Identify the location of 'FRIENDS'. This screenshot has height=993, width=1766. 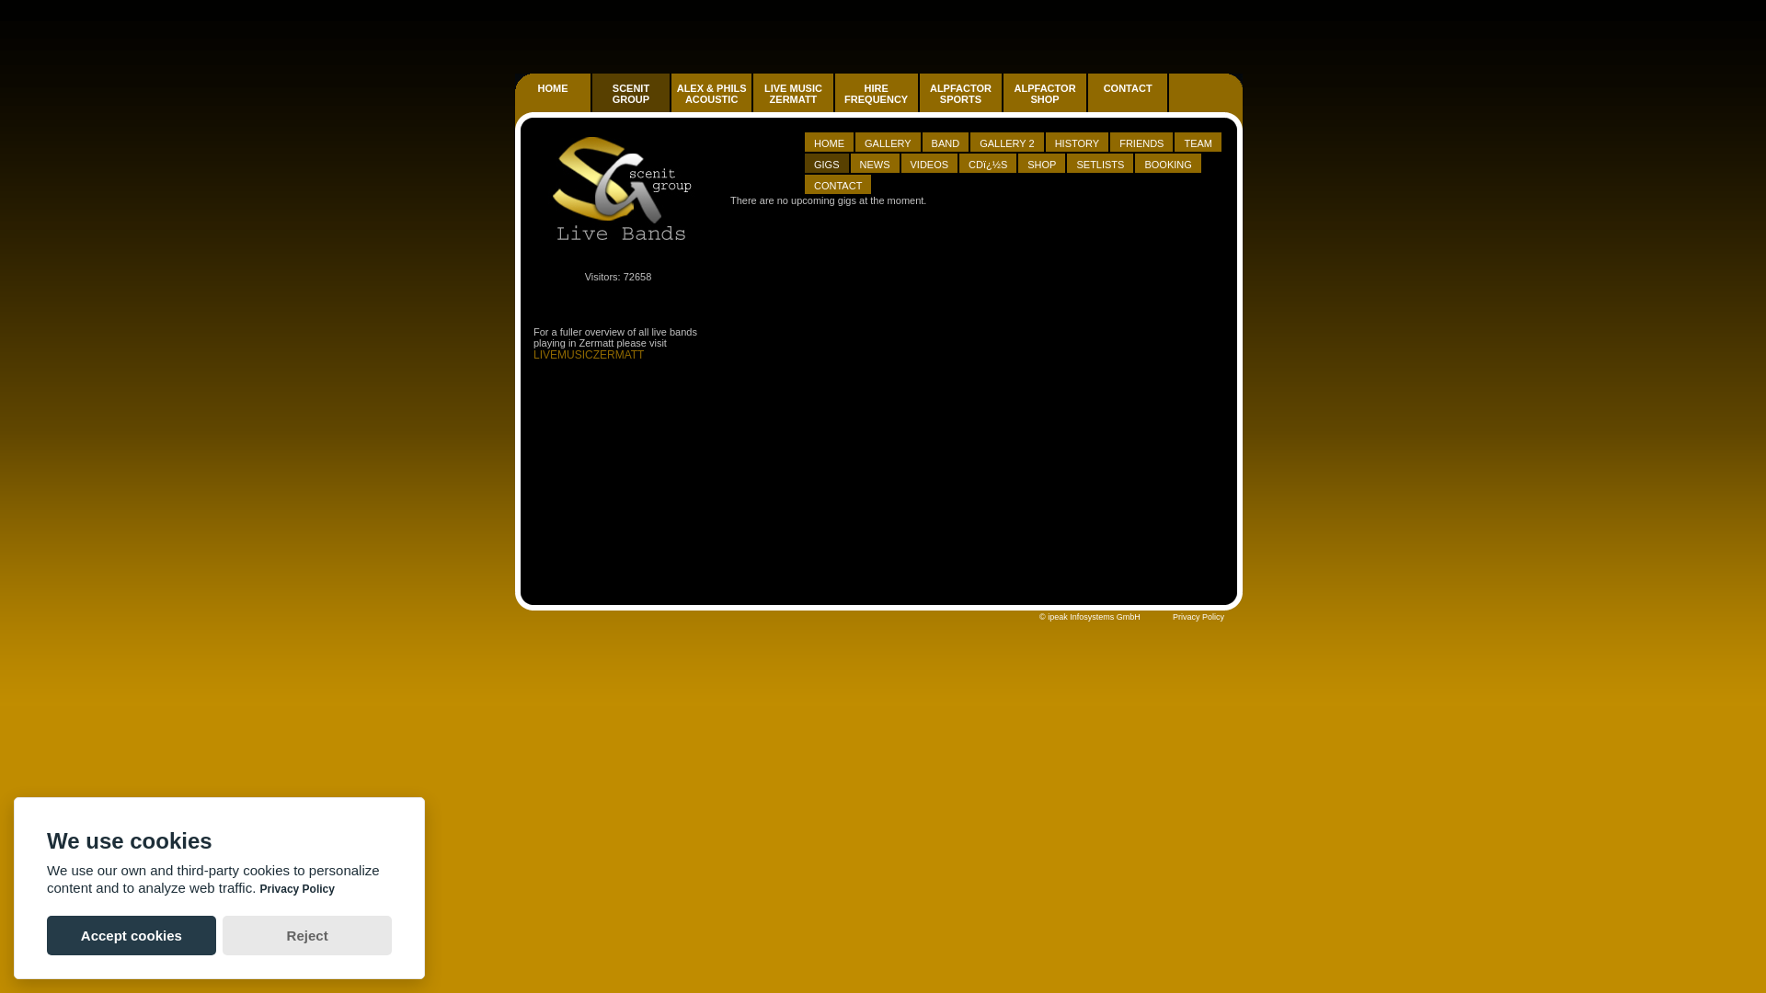
(1141, 141).